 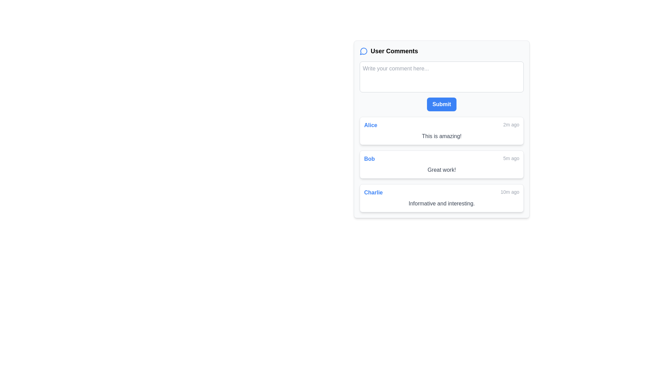 What do you see at coordinates (363, 51) in the screenshot?
I see `the circular chat bubble icon with a blue border located in the top-left corner of the comments section, which is positioned directly to the left of the title 'User Comments'` at bounding box center [363, 51].